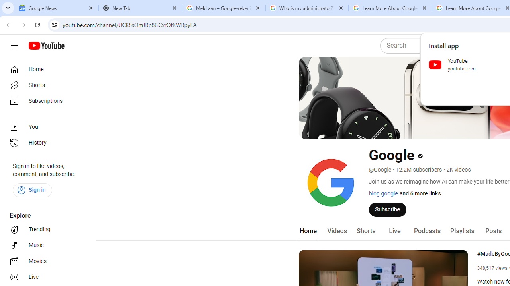  I want to click on 'Podcasts', so click(427, 231).